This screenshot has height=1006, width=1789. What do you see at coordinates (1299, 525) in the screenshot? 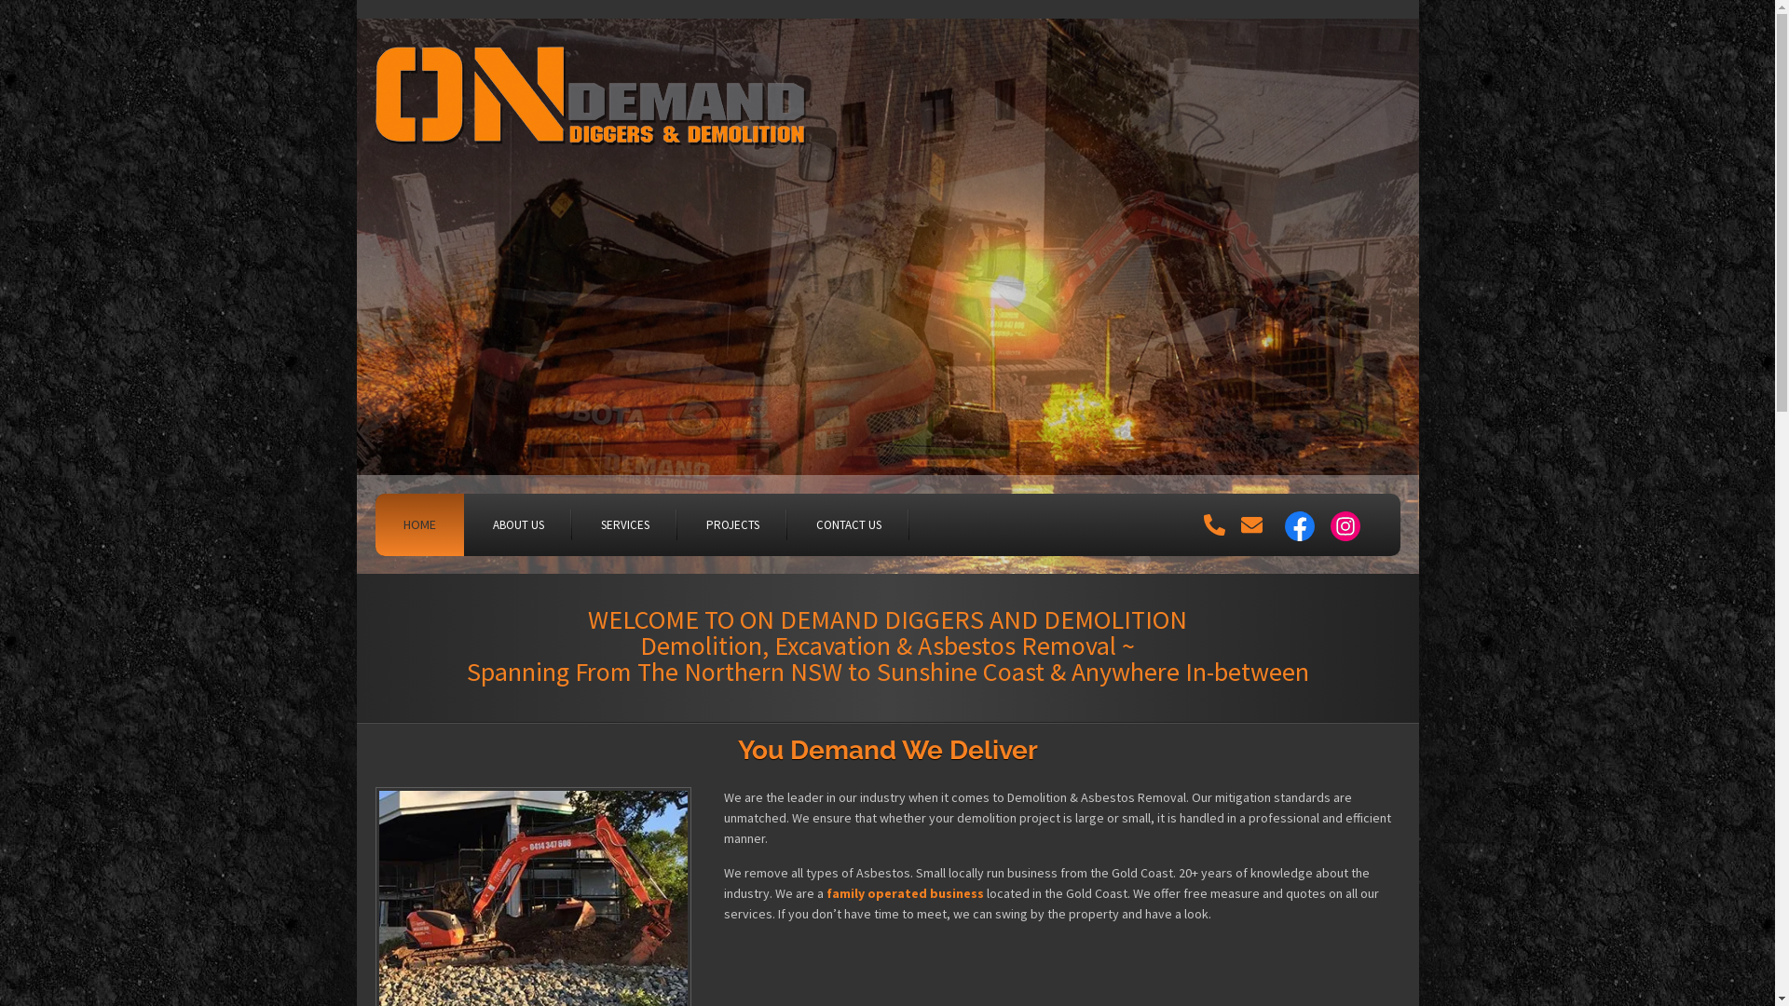
I see `'Find Us On Facebook'` at bounding box center [1299, 525].